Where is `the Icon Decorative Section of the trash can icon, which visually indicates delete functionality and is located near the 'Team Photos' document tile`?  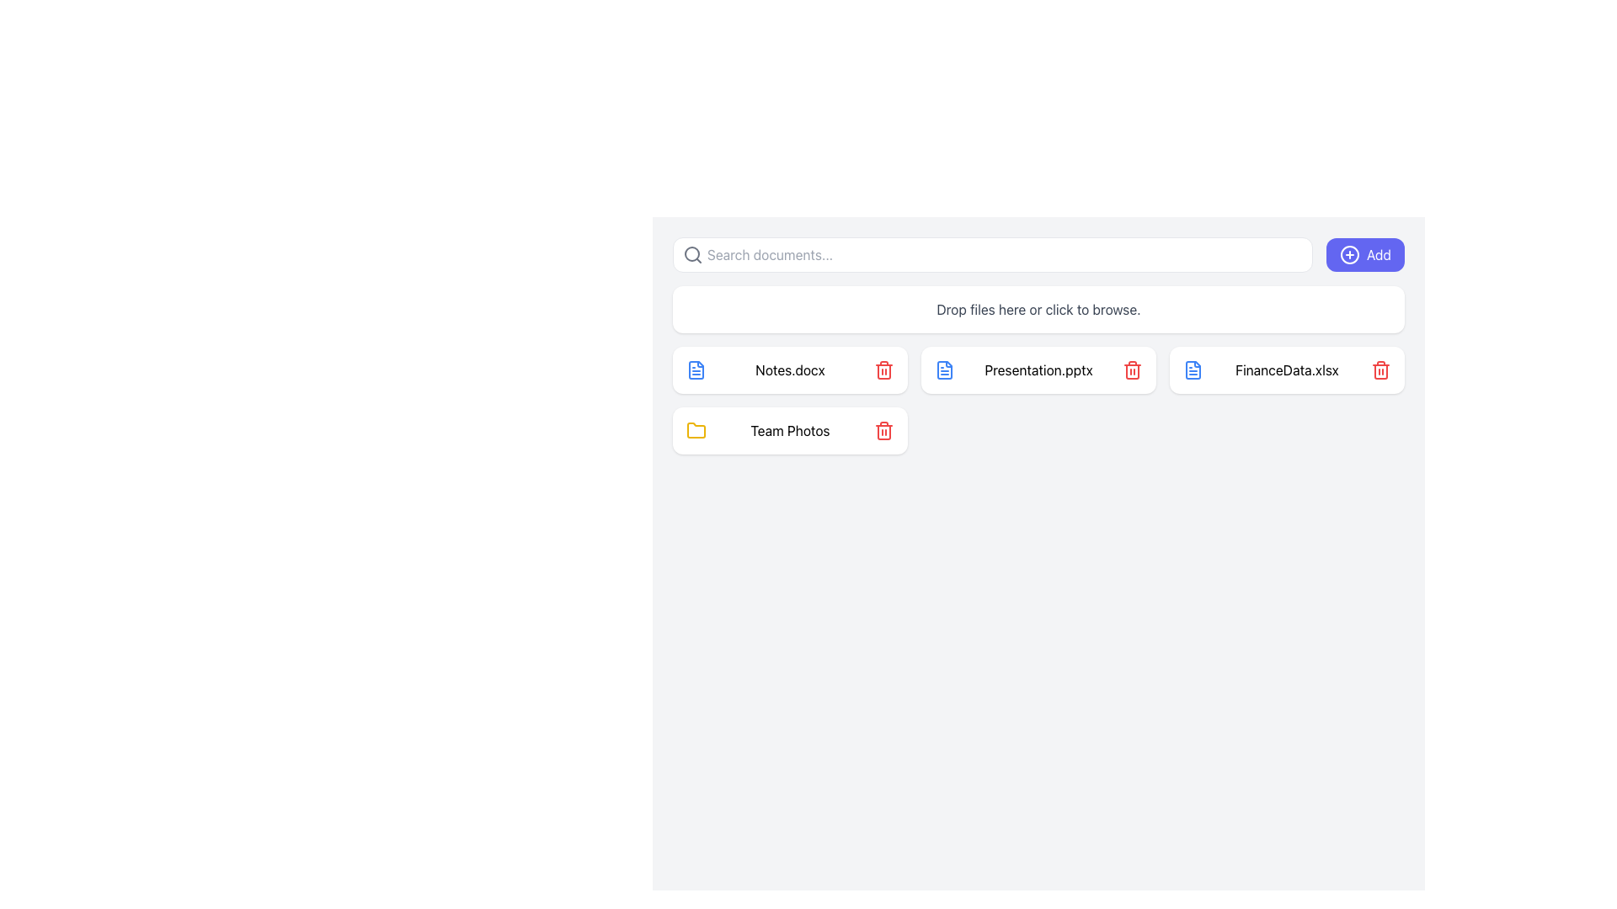 the Icon Decorative Section of the trash can icon, which visually indicates delete functionality and is located near the 'Team Photos' document tile is located at coordinates (883, 431).